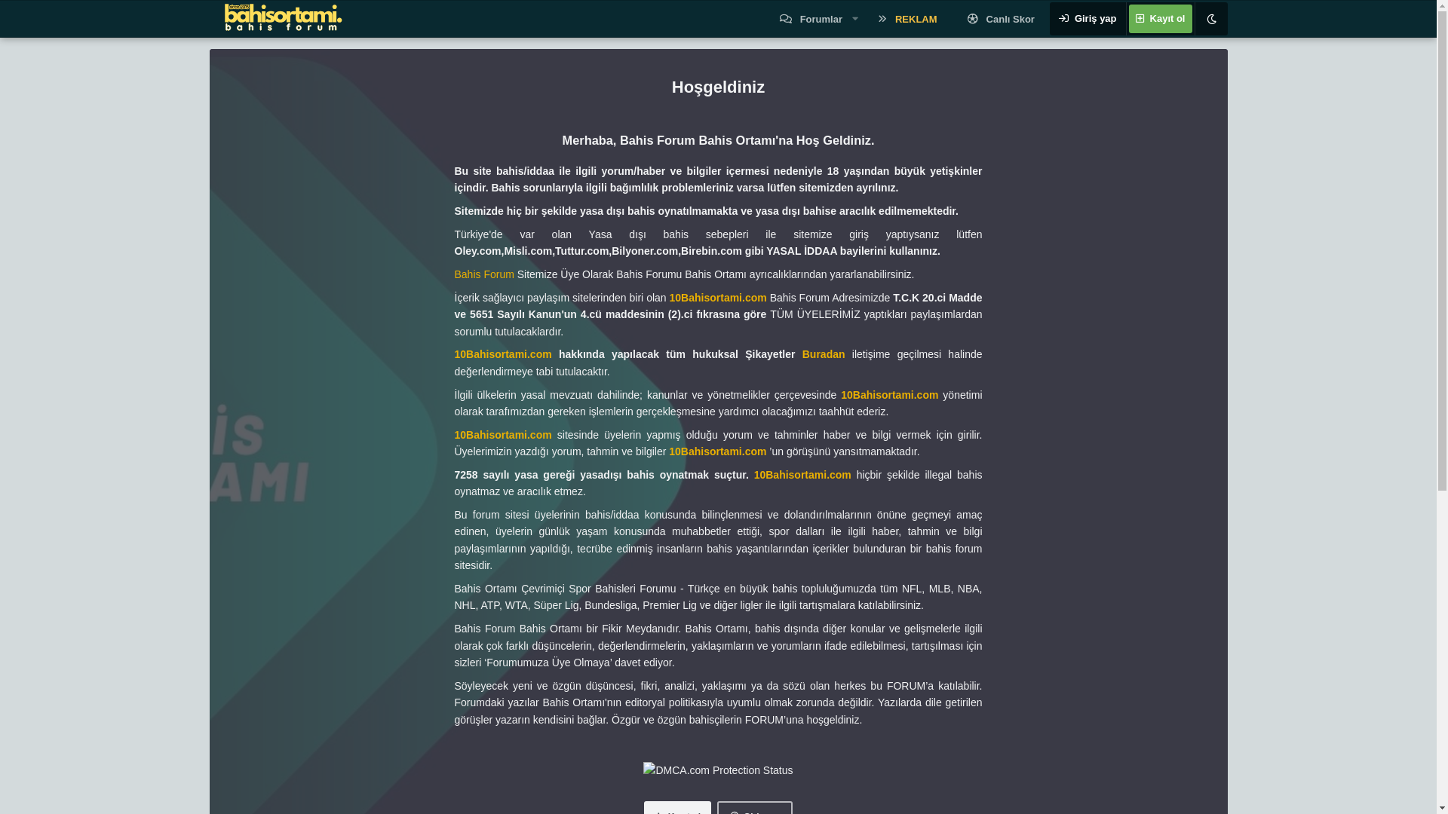  I want to click on 'DMCA.com Protection Status', so click(716, 770).